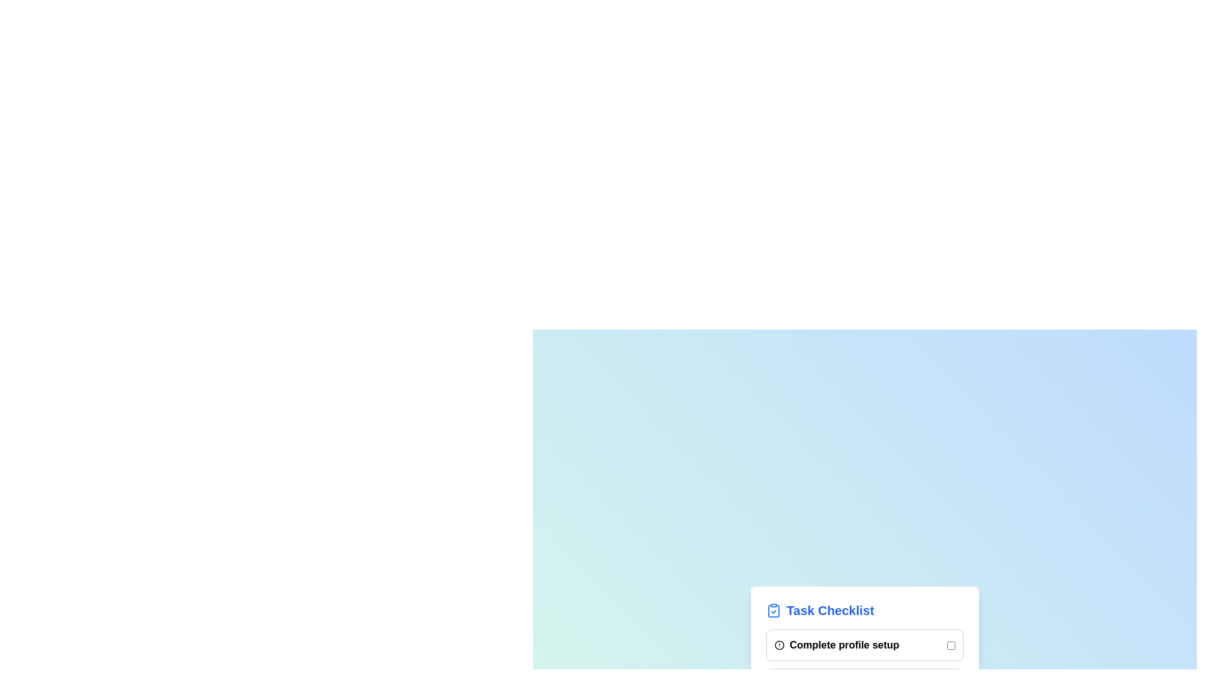  I want to click on the checkbox for the task 'Complete profile setup' located, so click(951, 645).